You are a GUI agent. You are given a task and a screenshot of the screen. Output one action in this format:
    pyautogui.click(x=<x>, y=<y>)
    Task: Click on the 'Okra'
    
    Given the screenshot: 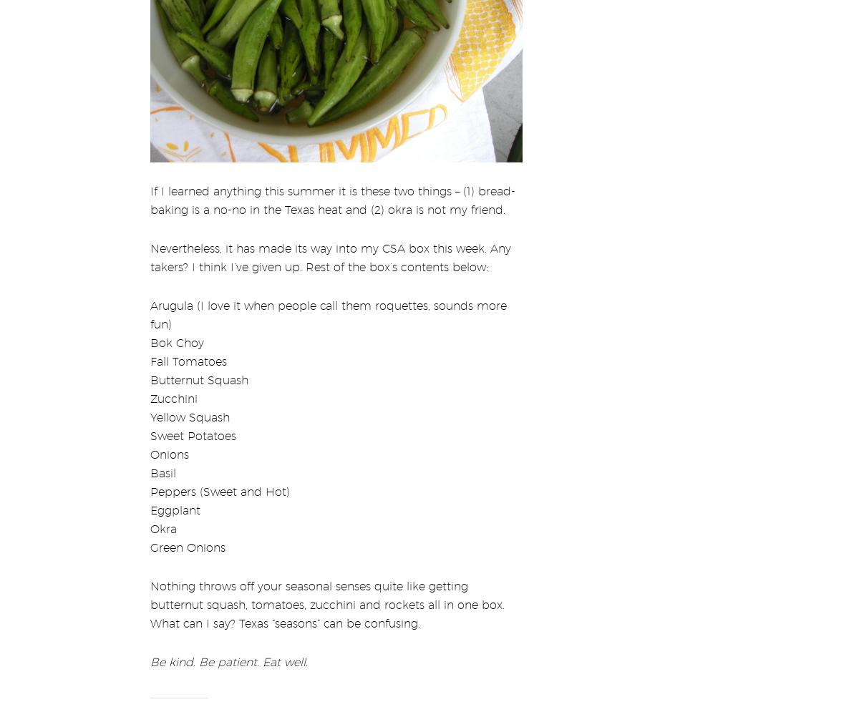 What is the action you would take?
    pyautogui.click(x=150, y=519)
    